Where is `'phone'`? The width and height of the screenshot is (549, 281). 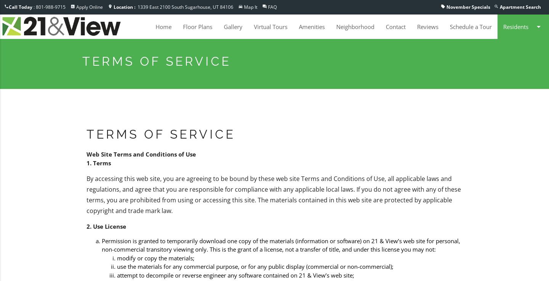
'phone' is located at coordinates (6, 6).